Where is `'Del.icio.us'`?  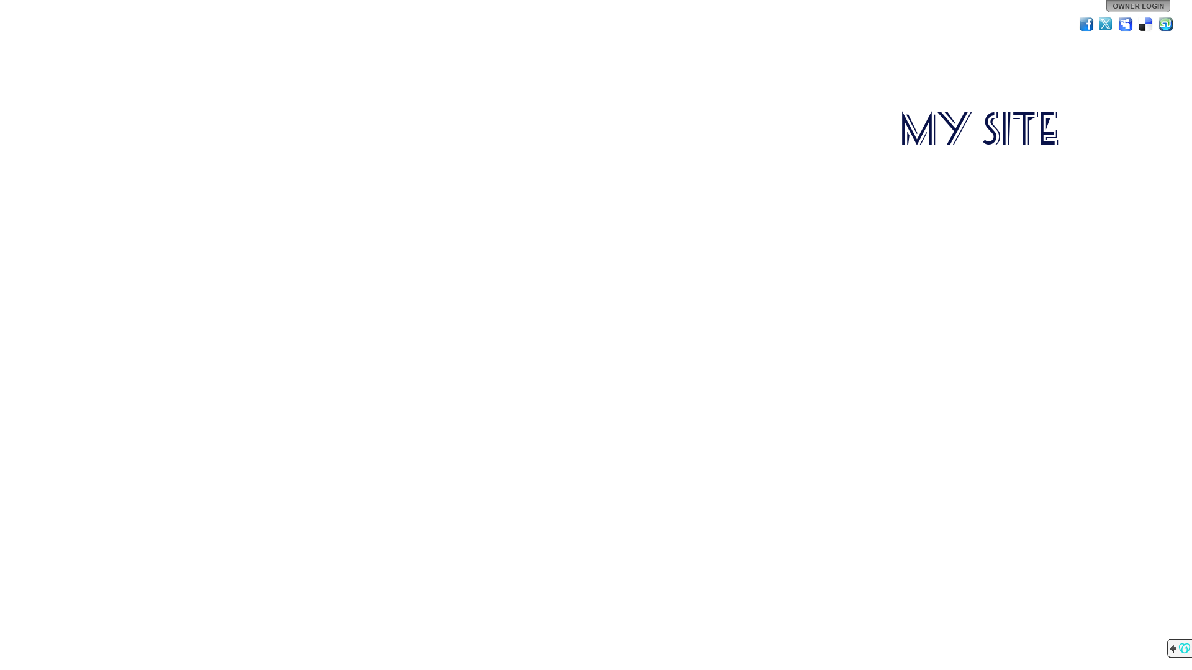 'Del.icio.us' is located at coordinates (1145, 24).